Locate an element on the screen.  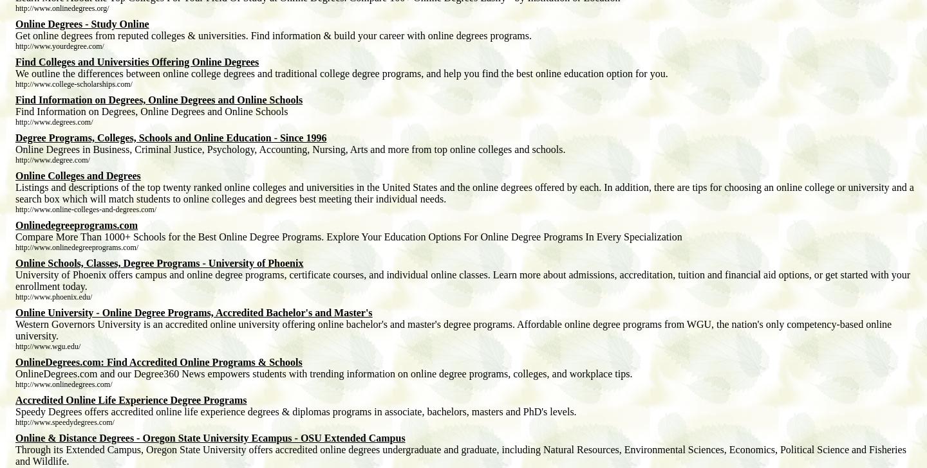
'Online University - Online Degree Programs, Accredited Bachelor's and Master's' is located at coordinates (192, 312).